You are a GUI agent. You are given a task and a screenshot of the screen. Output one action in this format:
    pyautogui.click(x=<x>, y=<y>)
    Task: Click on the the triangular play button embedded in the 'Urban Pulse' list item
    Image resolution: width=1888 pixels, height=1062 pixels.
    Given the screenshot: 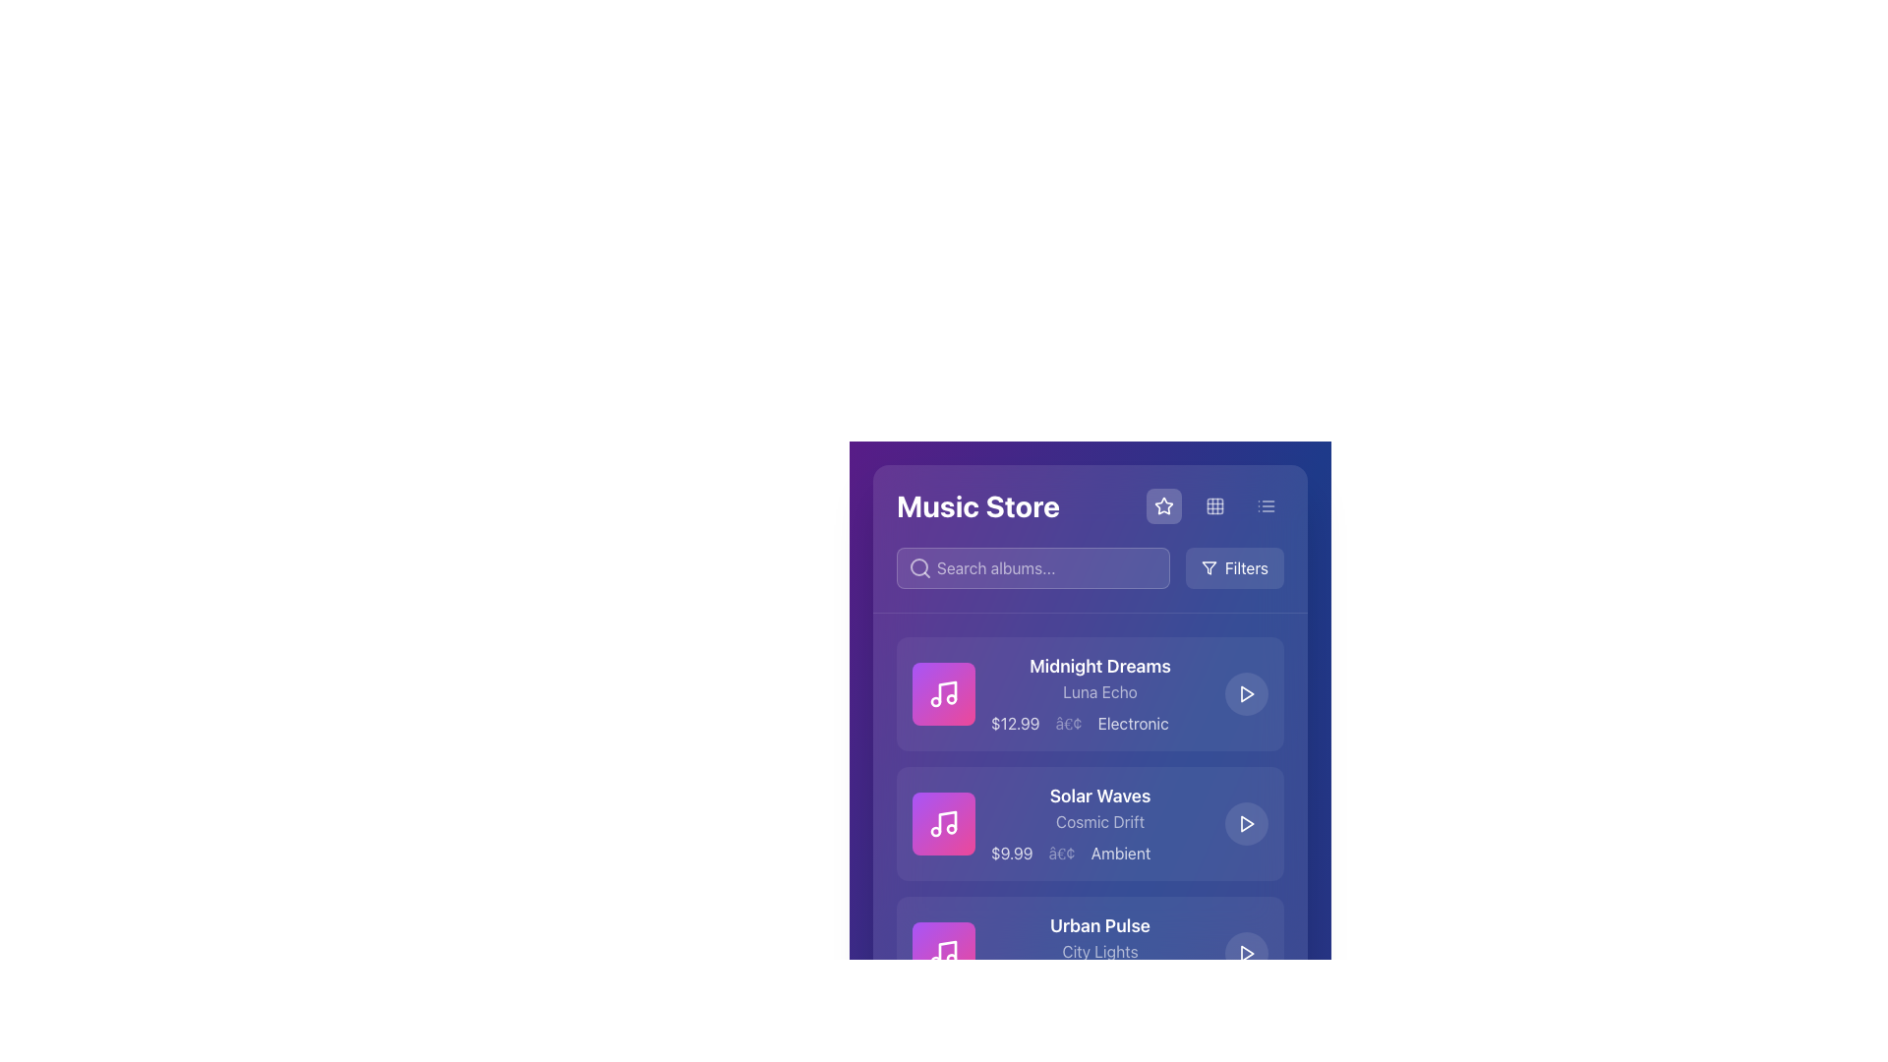 What is the action you would take?
    pyautogui.click(x=1246, y=952)
    